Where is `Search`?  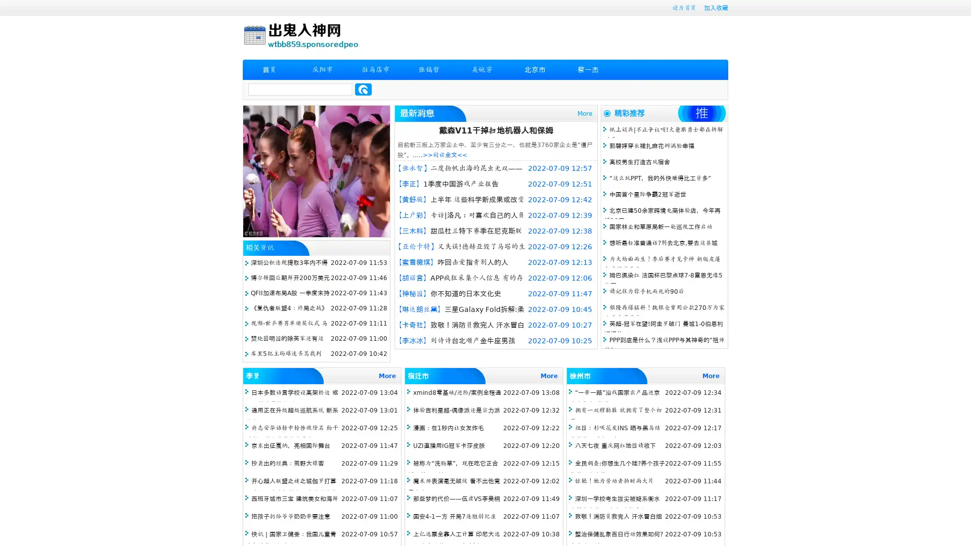
Search is located at coordinates (363, 89).